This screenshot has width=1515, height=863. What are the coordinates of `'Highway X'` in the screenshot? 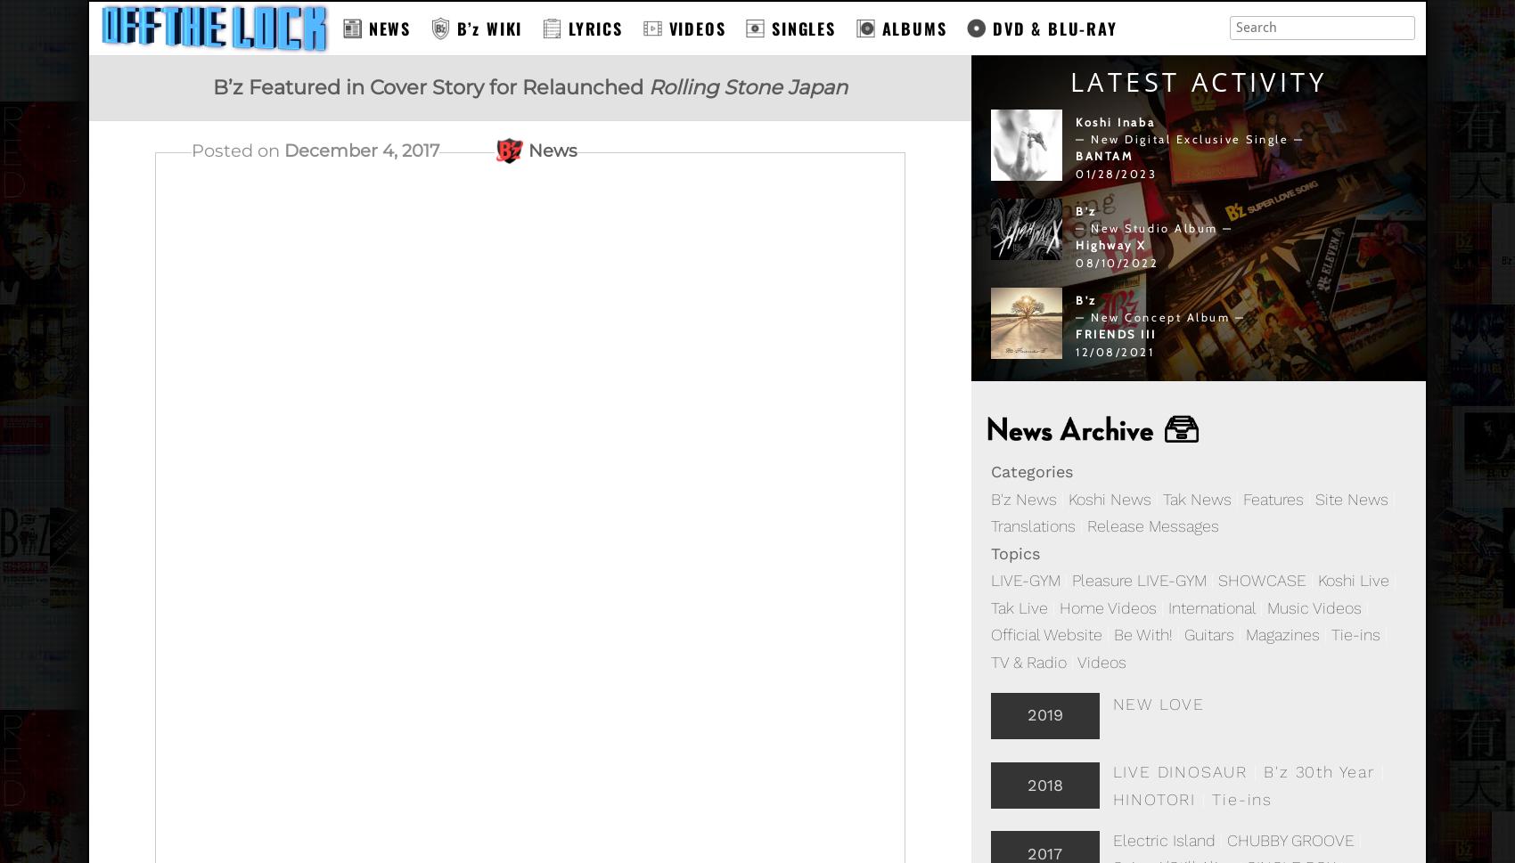 It's located at (1110, 245).